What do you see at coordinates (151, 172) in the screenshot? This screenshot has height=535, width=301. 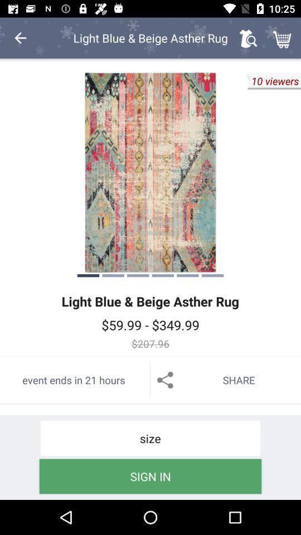 I see `to view full screen` at bounding box center [151, 172].